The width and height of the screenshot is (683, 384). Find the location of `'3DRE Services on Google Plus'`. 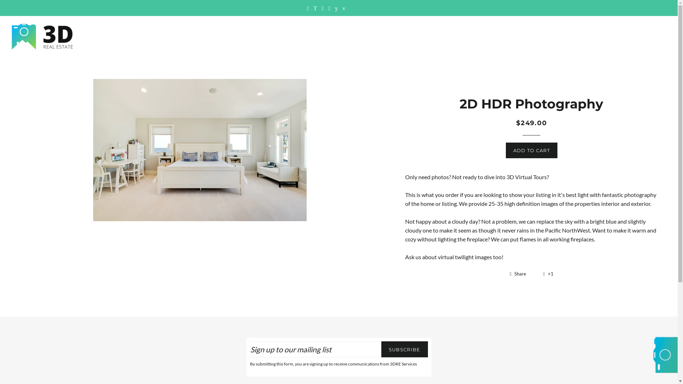

'3DRE Services on Google Plus' is located at coordinates (329, 8).